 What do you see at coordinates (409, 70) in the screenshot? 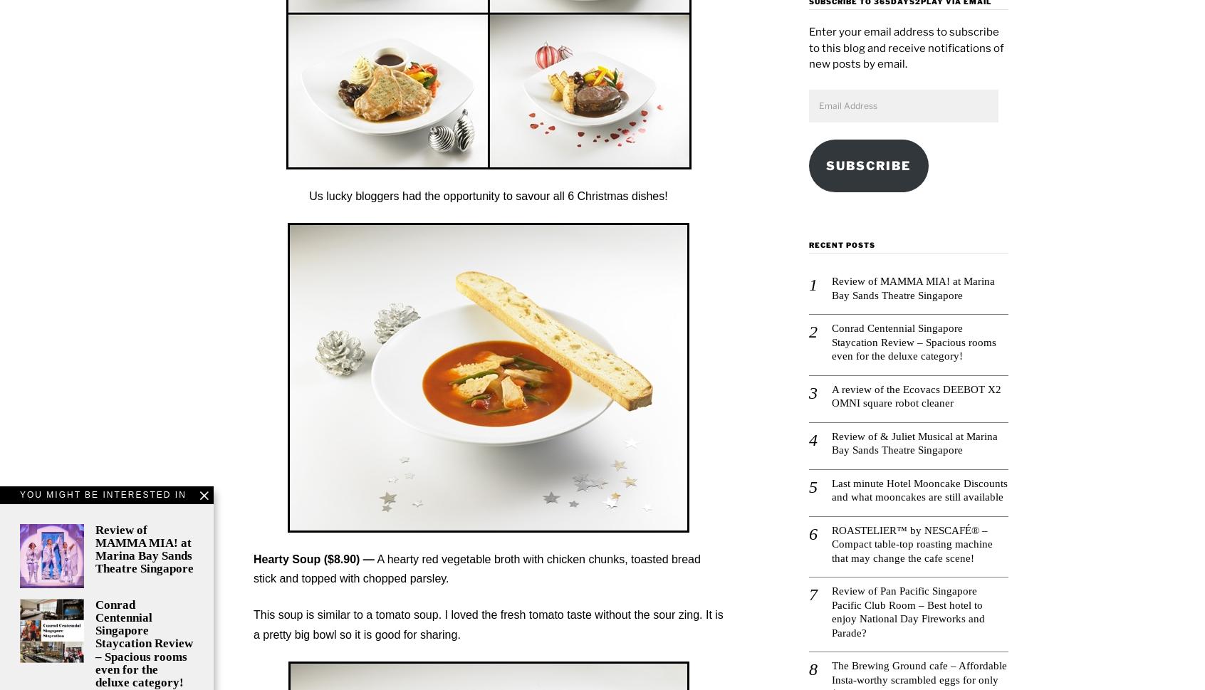
I see `'Cart'` at bounding box center [409, 70].